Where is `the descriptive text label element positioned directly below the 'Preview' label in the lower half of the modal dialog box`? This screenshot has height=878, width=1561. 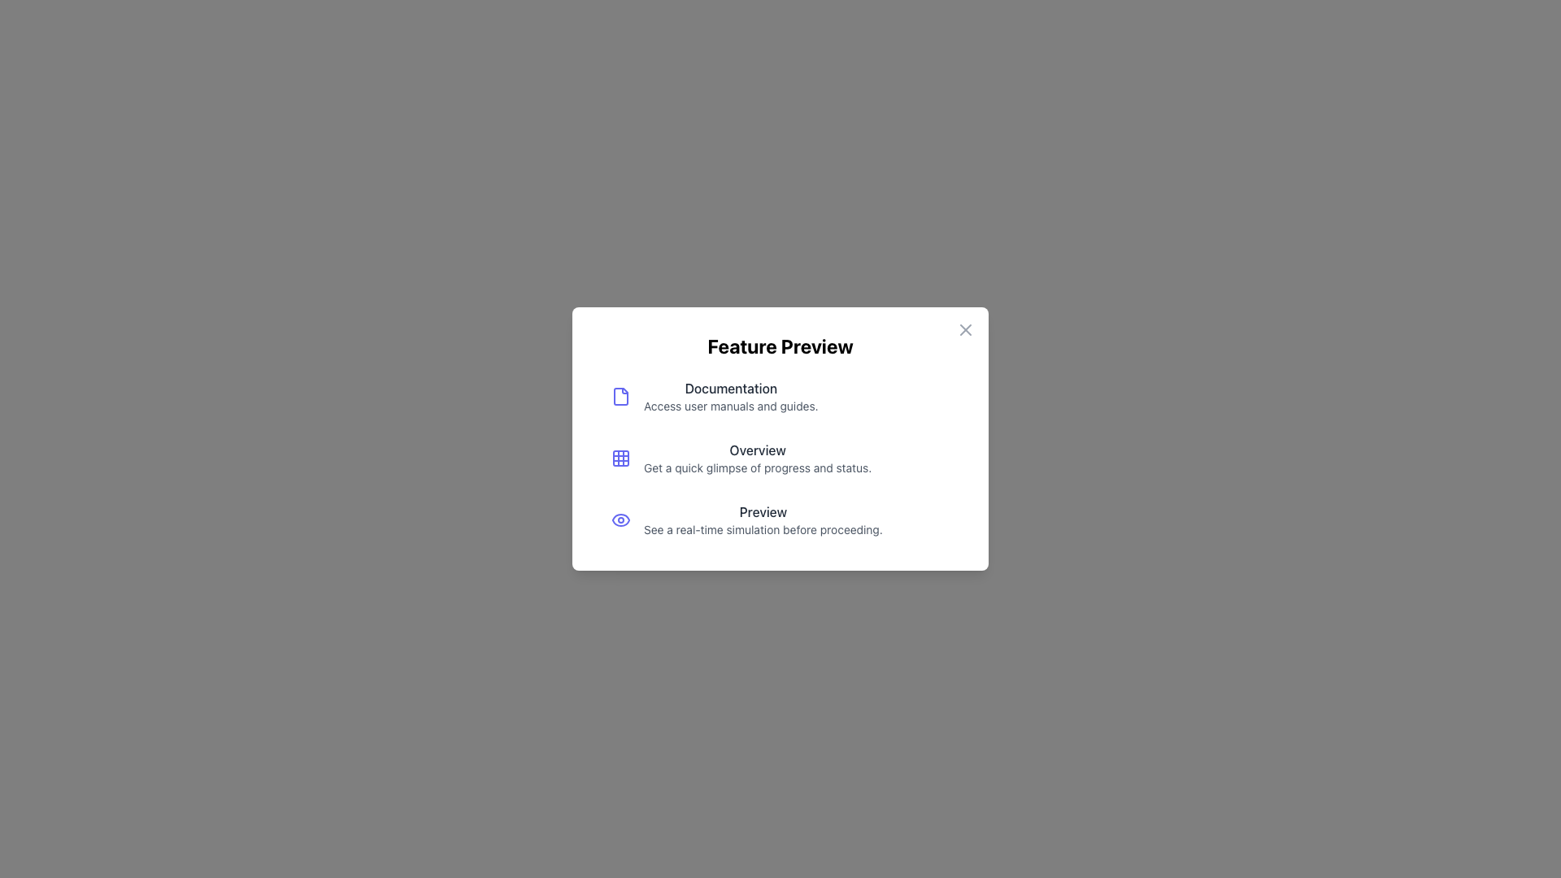
the descriptive text label element positioned directly below the 'Preview' label in the lower half of the modal dialog box is located at coordinates (762, 529).